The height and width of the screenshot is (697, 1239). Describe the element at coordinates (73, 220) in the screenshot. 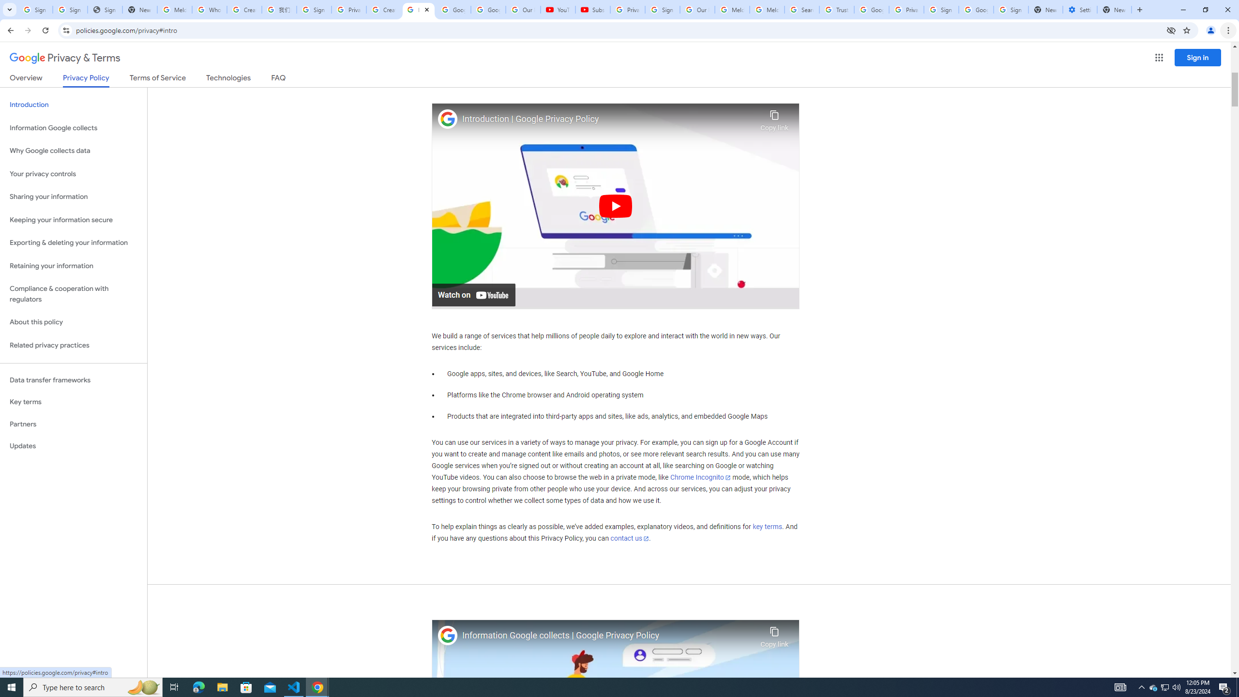

I see `'Keeping your information secure'` at that location.